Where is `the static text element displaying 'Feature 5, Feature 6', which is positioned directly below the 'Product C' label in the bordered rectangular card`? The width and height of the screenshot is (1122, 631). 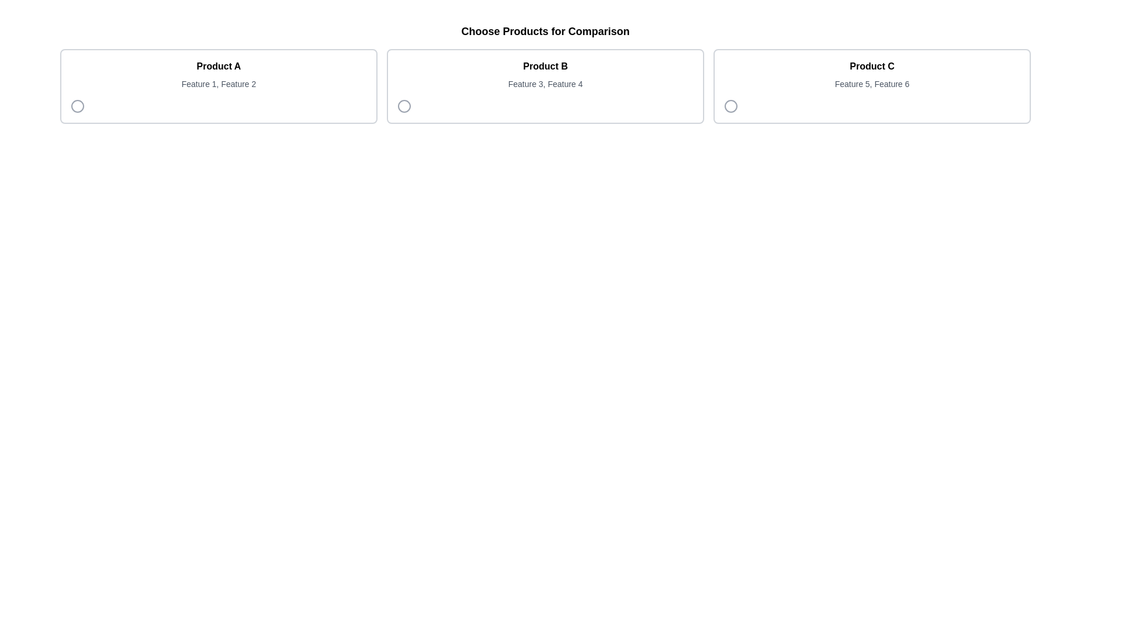
the static text element displaying 'Feature 5, Feature 6', which is positioned directly below the 'Product C' label in the bordered rectangular card is located at coordinates (872, 83).